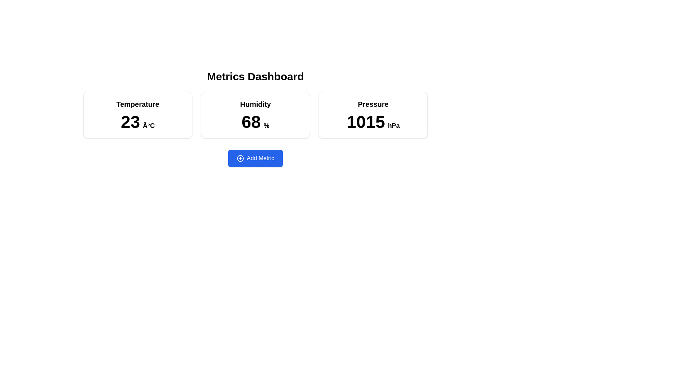  Describe the element at coordinates (255, 114) in the screenshot. I see `displayed data on the 'Humidity' informational card, which shows '68%' beneath the label in bold lettering` at that location.